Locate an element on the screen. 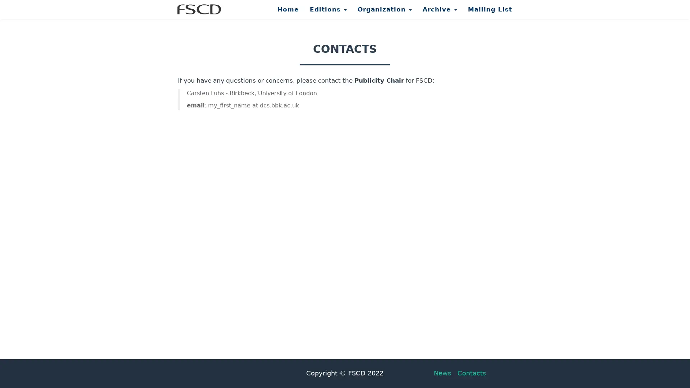  Organization is located at coordinates (384, 12).